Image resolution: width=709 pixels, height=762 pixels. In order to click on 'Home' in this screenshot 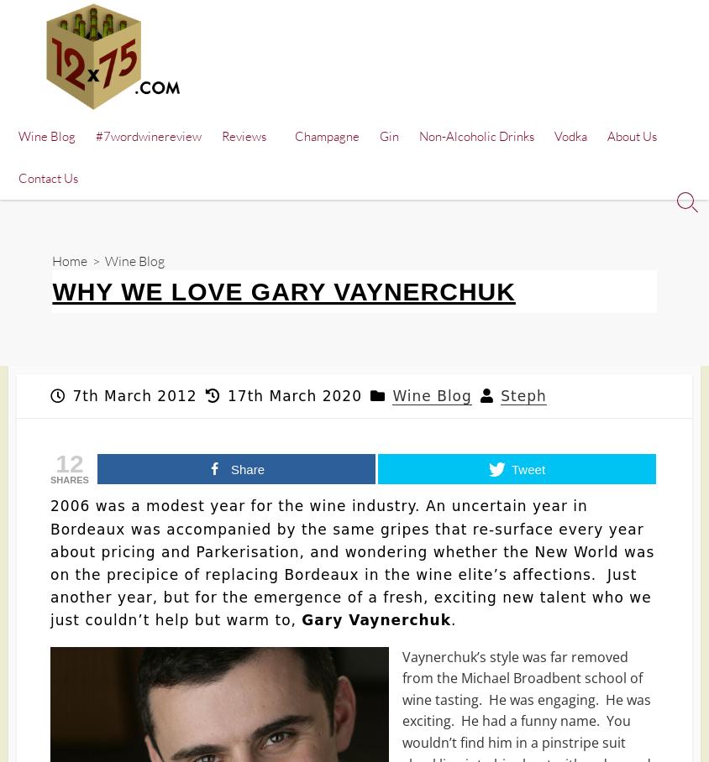, I will do `click(68, 258)`.